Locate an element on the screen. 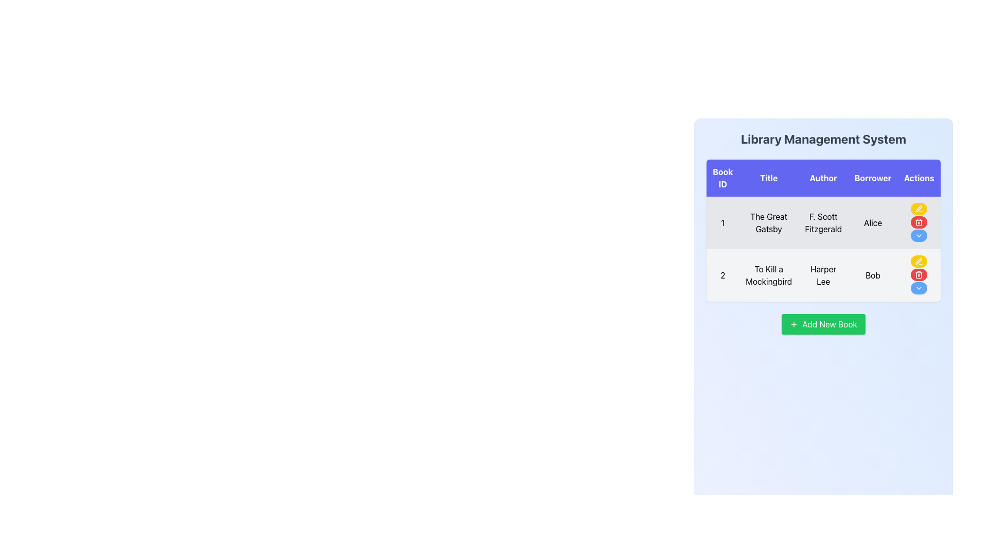 Image resolution: width=988 pixels, height=556 pixels. the label displaying the title 'The Great Gatsby' in the first row of the table is located at coordinates (769, 222).